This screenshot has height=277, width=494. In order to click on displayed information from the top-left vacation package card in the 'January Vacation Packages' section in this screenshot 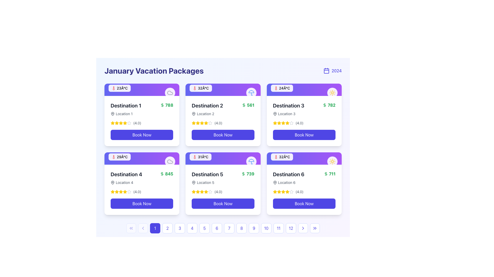, I will do `click(142, 114)`.